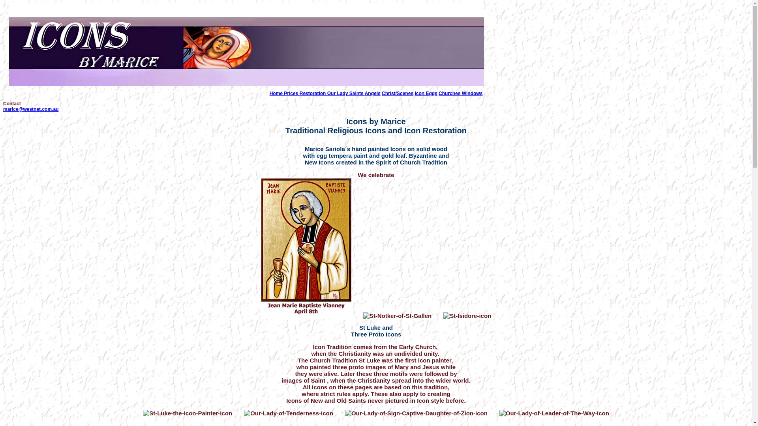  Describe the element at coordinates (438, 93) in the screenshot. I see `'Churches'` at that location.